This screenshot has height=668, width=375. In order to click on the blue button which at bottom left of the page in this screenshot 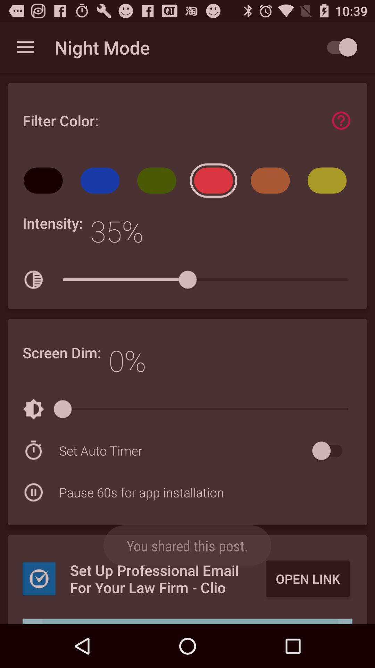, I will do `click(39, 579)`.